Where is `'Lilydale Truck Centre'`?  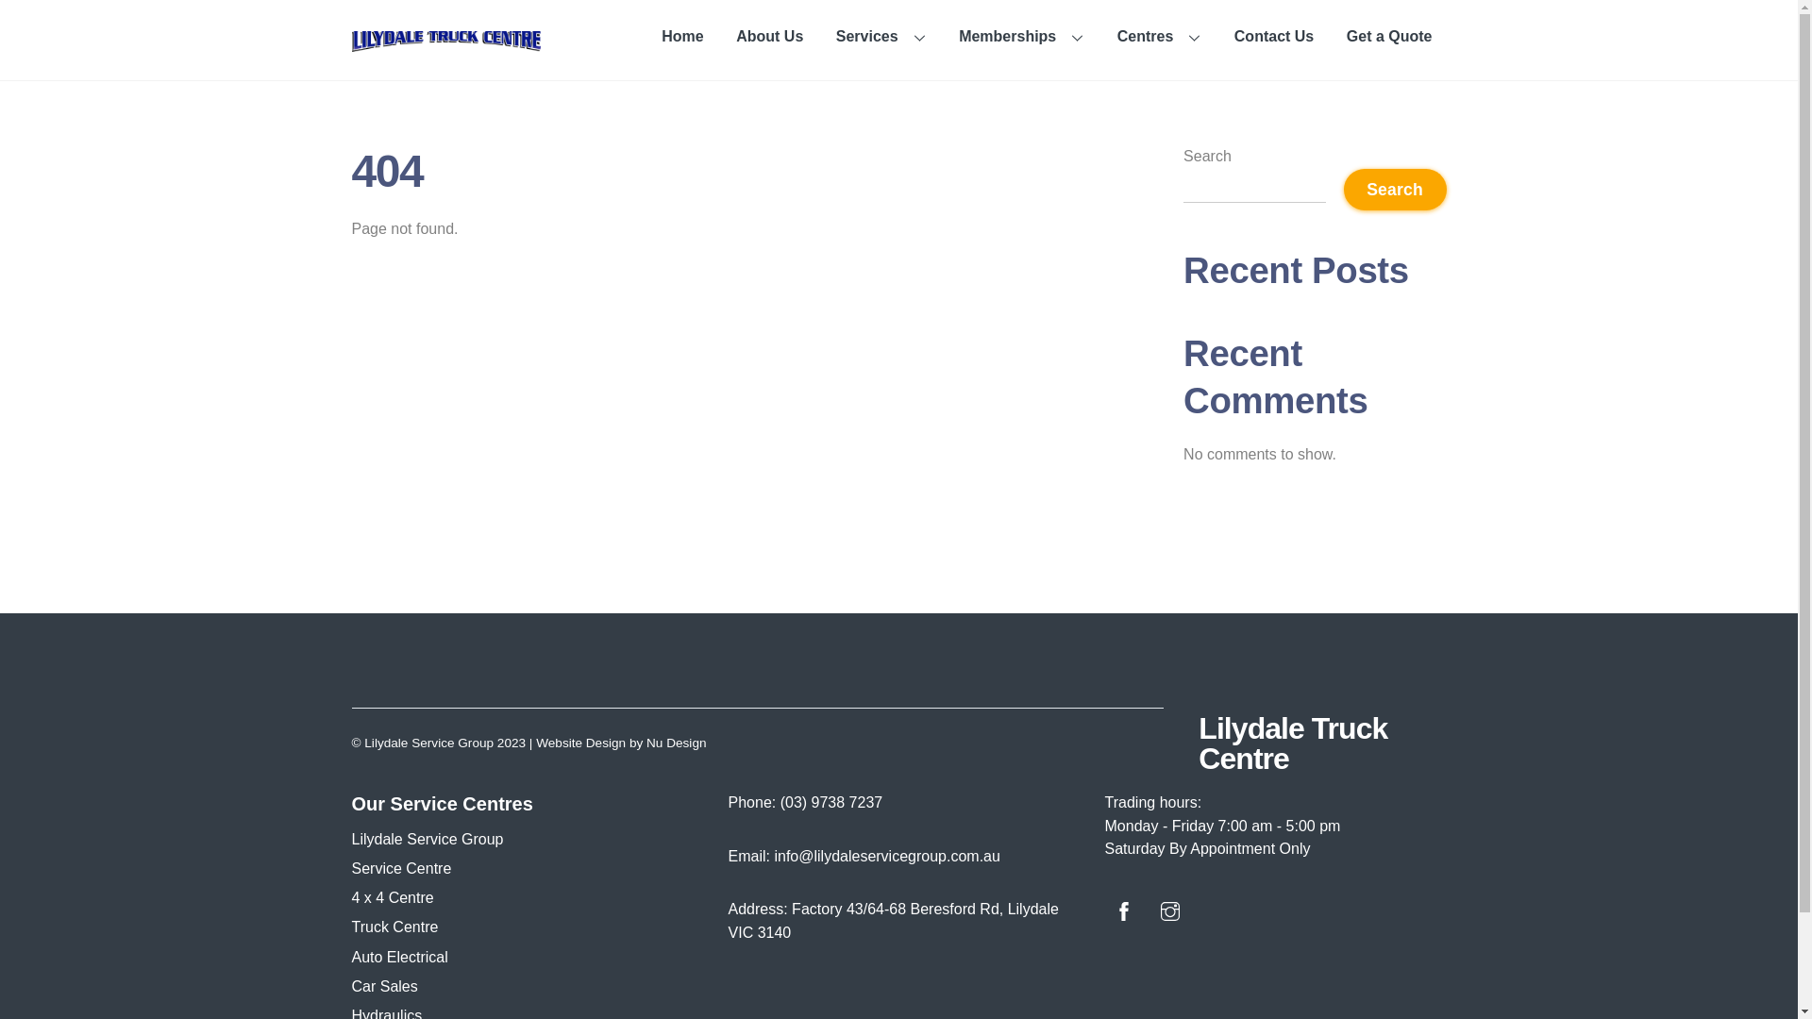
'Lilydale Truck Centre' is located at coordinates (1291, 742).